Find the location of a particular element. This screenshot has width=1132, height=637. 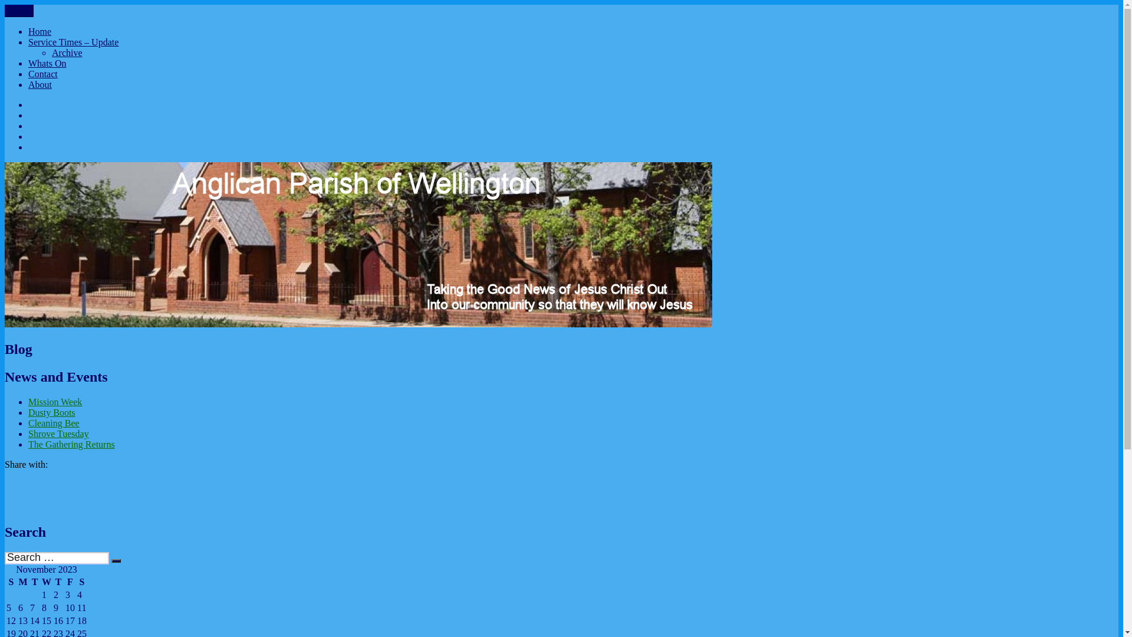

'Skip to content' is located at coordinates (4, 4).